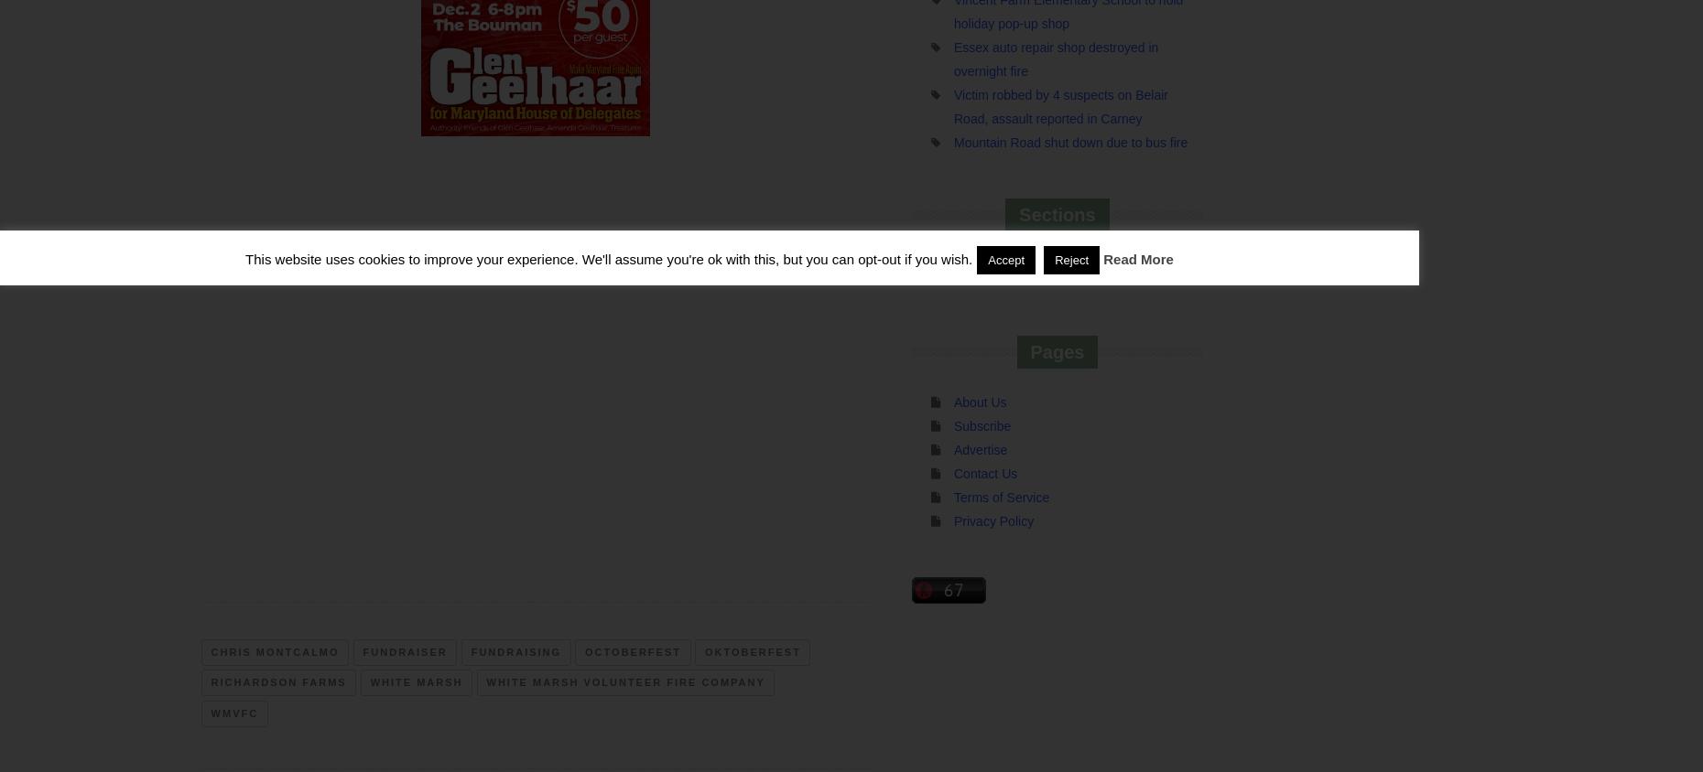 This screenshot has height=772, width=1703. I want to click on 'Reject', so click(1071, 259).